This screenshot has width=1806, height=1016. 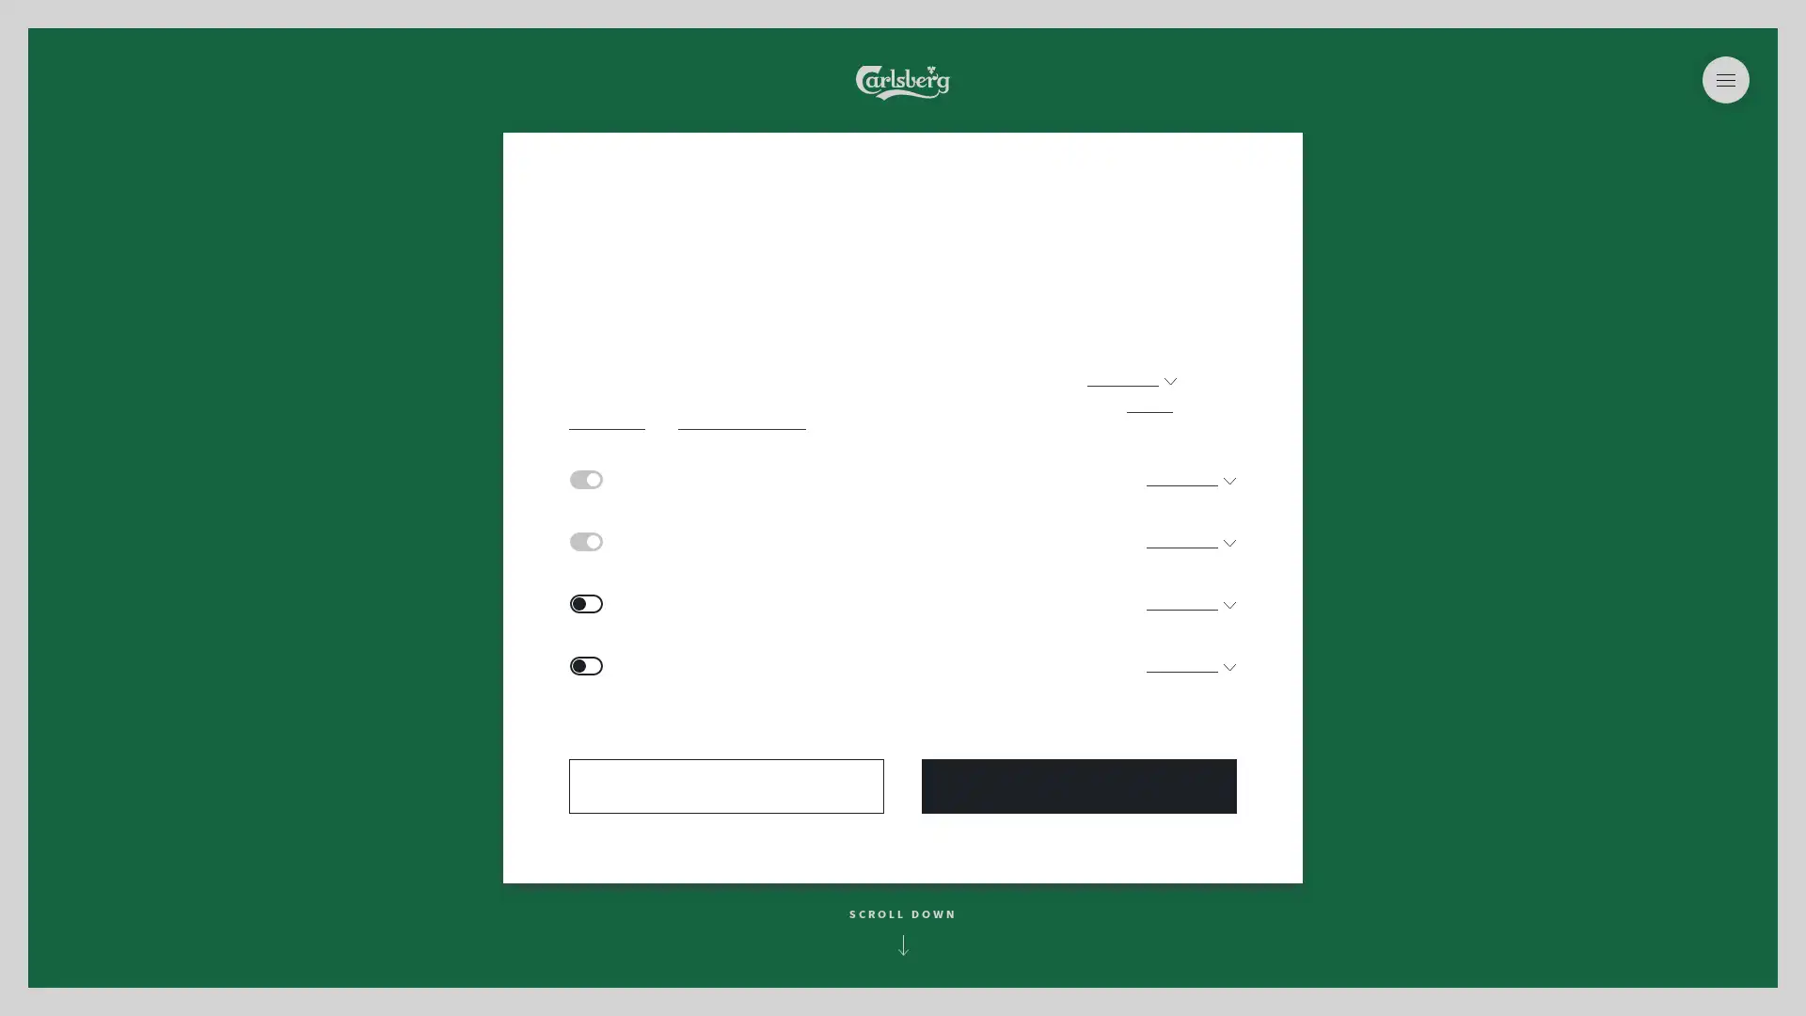 What do you see at coordinates (1725, 78) in the screenshot?
I see `toggle navigation` at bounding box center [1725, 78].